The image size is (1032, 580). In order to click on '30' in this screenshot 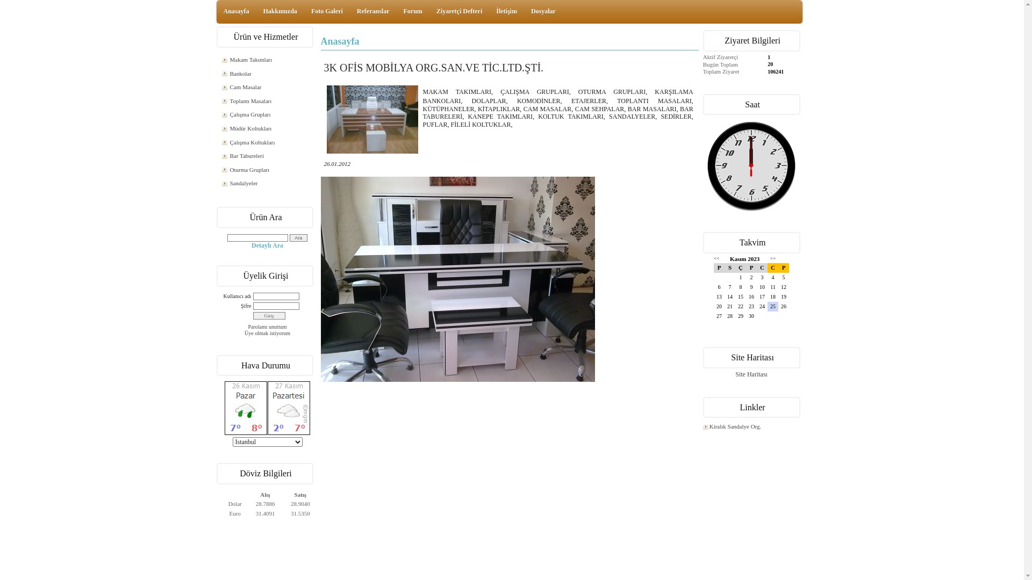, I will do `click(750, 316)`.